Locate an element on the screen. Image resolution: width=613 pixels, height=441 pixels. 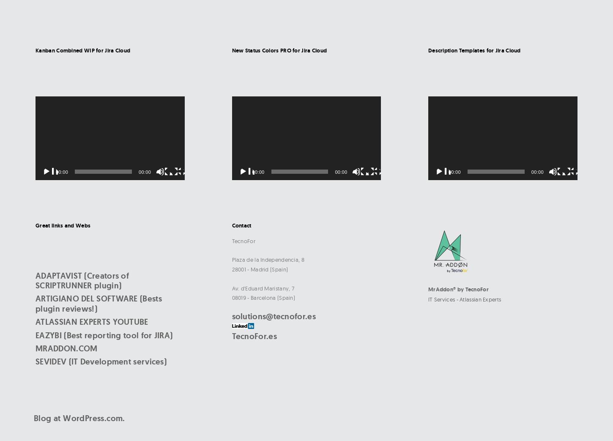
'Great links and Webs' is located at coordinates (35, 225).